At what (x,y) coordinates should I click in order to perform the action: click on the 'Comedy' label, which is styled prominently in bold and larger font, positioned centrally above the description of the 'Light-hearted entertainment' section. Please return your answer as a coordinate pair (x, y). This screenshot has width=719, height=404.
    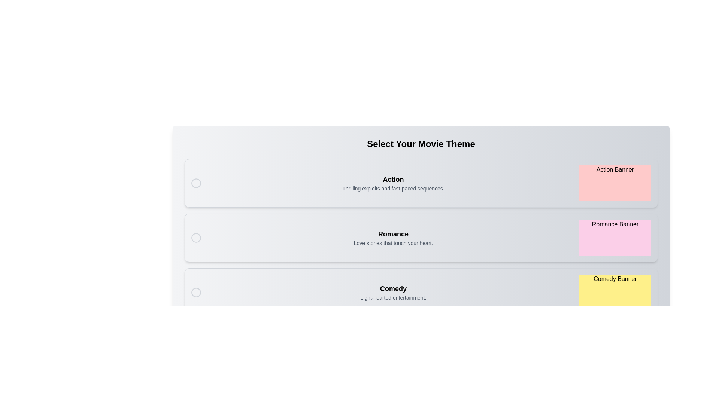
    Looking at the image, I should click on (393, 288).